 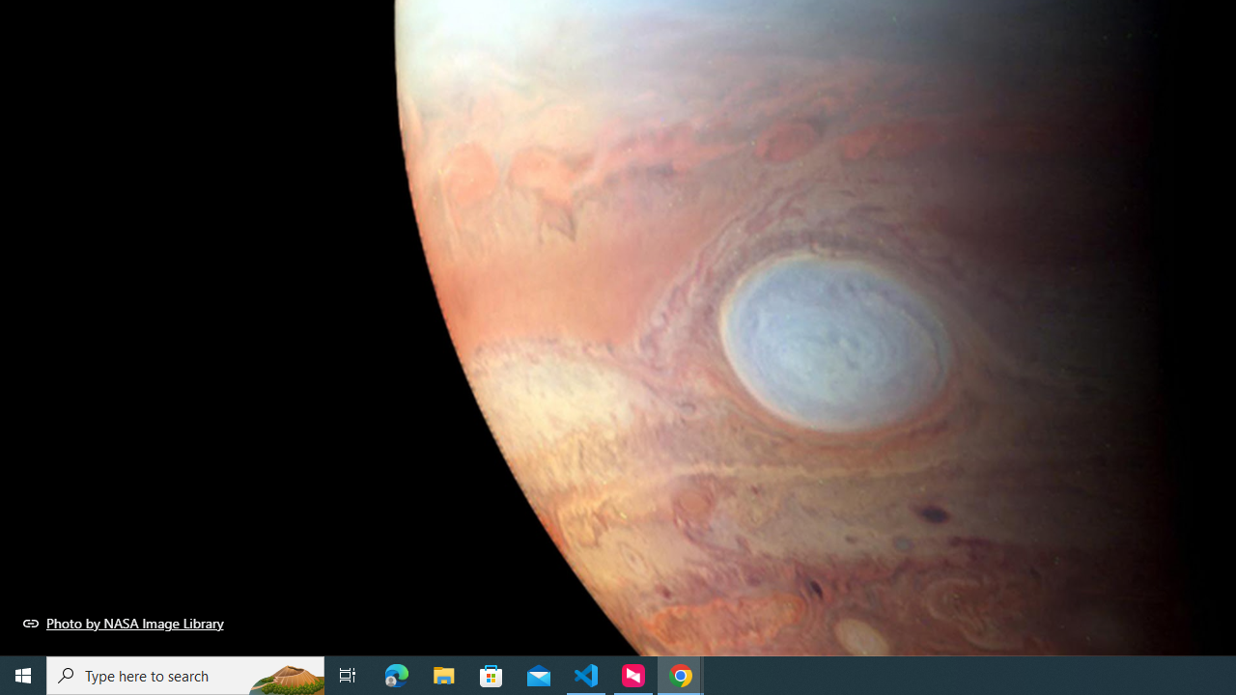 What do you see at coordinates (123, 623) in the screenshot?
I see `'Photo by NASA Image Library'` at bounding box center [123, 623].